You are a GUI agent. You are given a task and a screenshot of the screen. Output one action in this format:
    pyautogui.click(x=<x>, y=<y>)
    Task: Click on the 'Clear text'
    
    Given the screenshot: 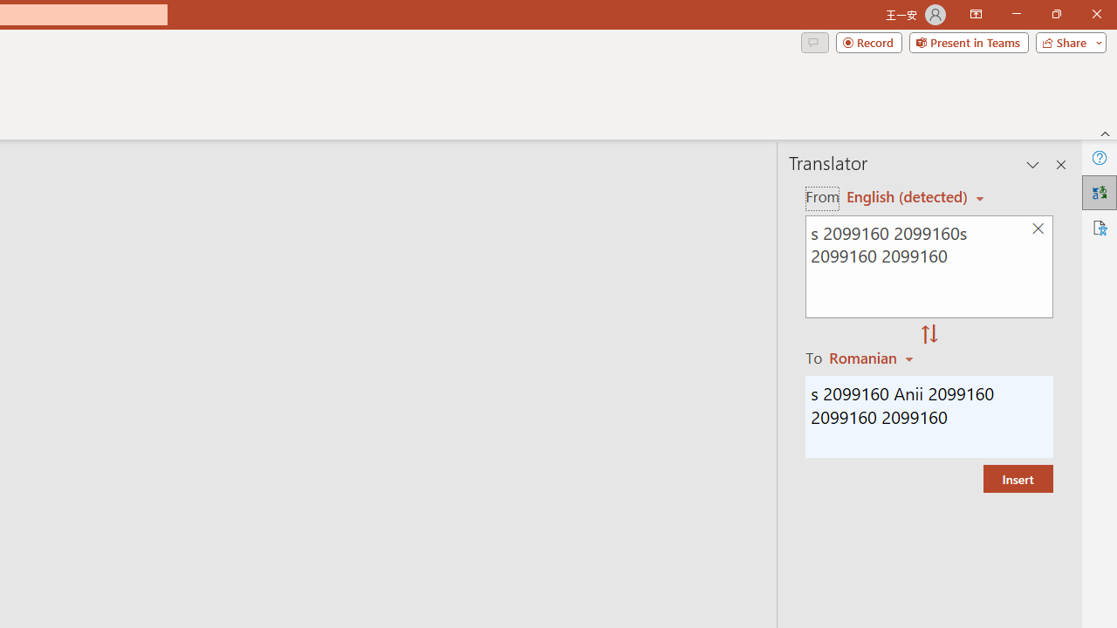 What is the action you would take?
    pyautogui.click(x=1038, y=229)
    